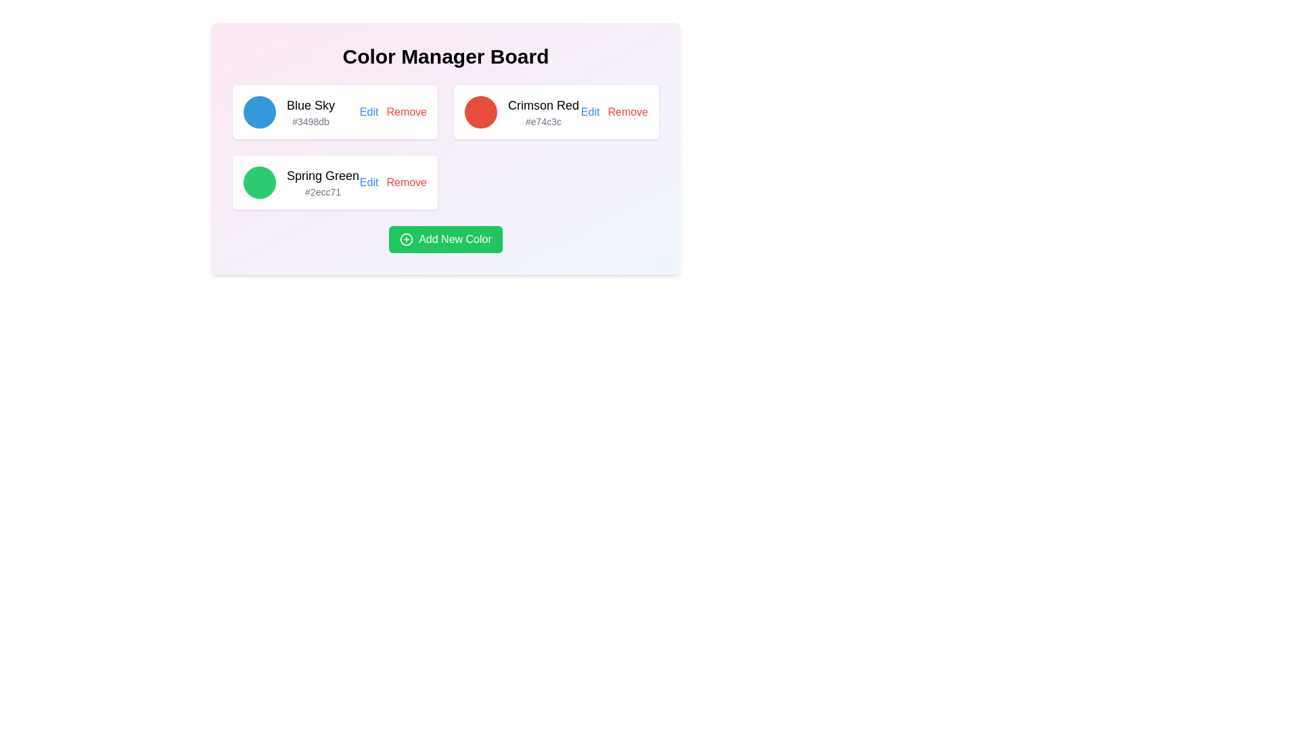 This screenshot has height=731, width=1299. What do you see at coordinates (455, 239) in the screenshot?
I see `the text label within the button that indicates adding a new color to the list` at bounding box center [455, 239].